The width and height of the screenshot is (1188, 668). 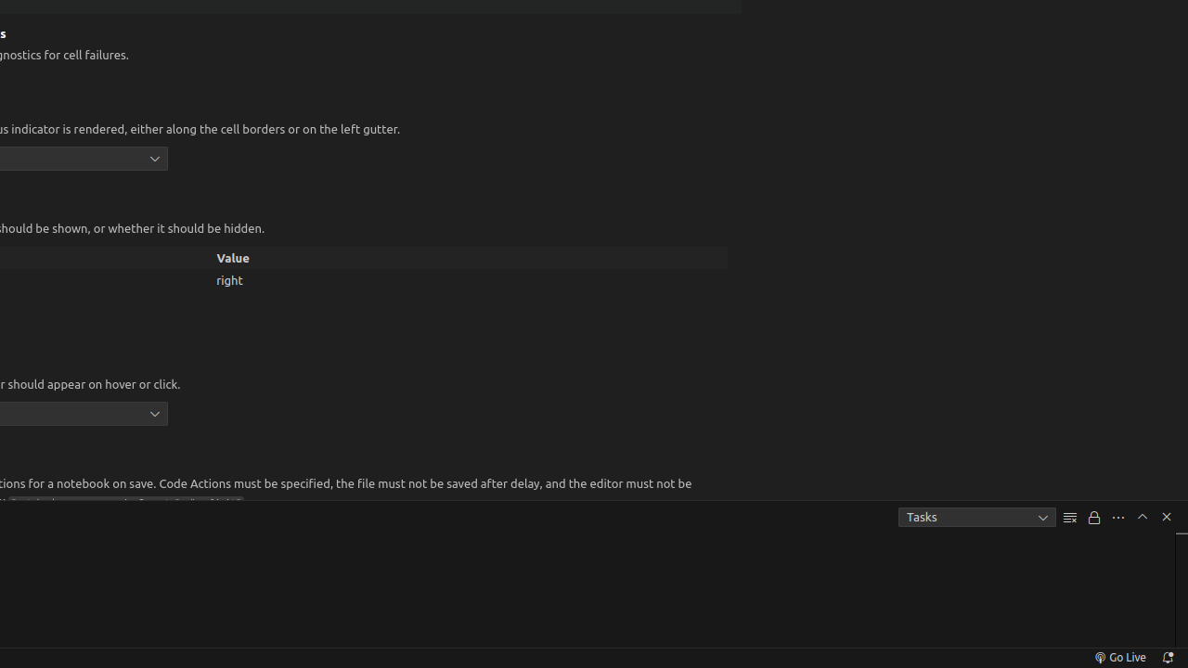 What do you see at coordinates (1094, 517) in the screenshot?
I see `'Turn Auto Scrolling Off'` at bounding box center [1094, 517].